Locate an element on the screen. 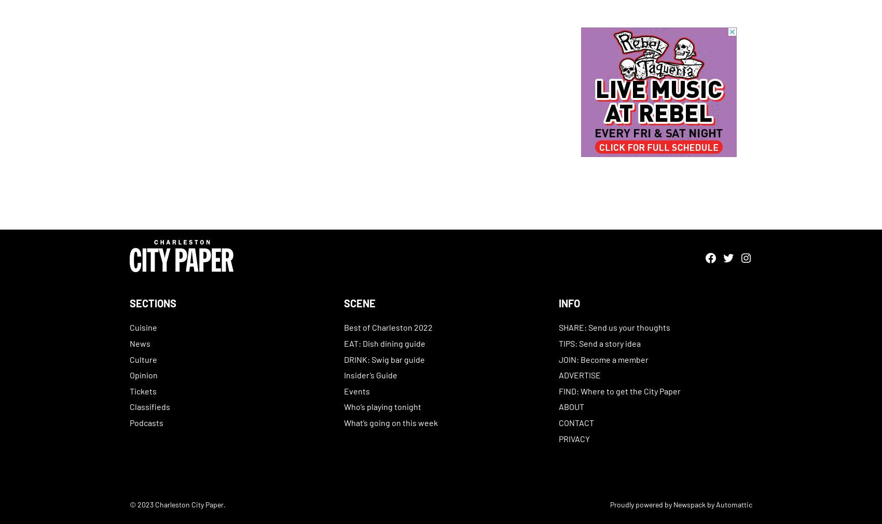  'Insider’s Guide' is located at coordinates (370, 374).